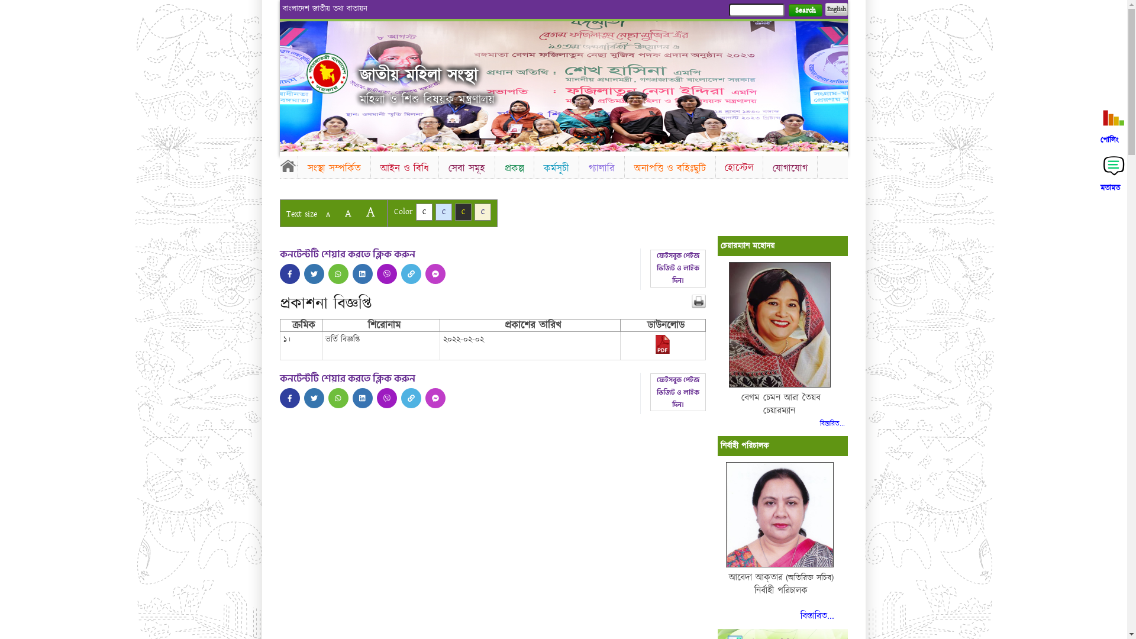 The height and width of the screenshot is (639, 1136). Describe the element at coordinates (462, 211) in the screenshot. I see `'C'` at that location.